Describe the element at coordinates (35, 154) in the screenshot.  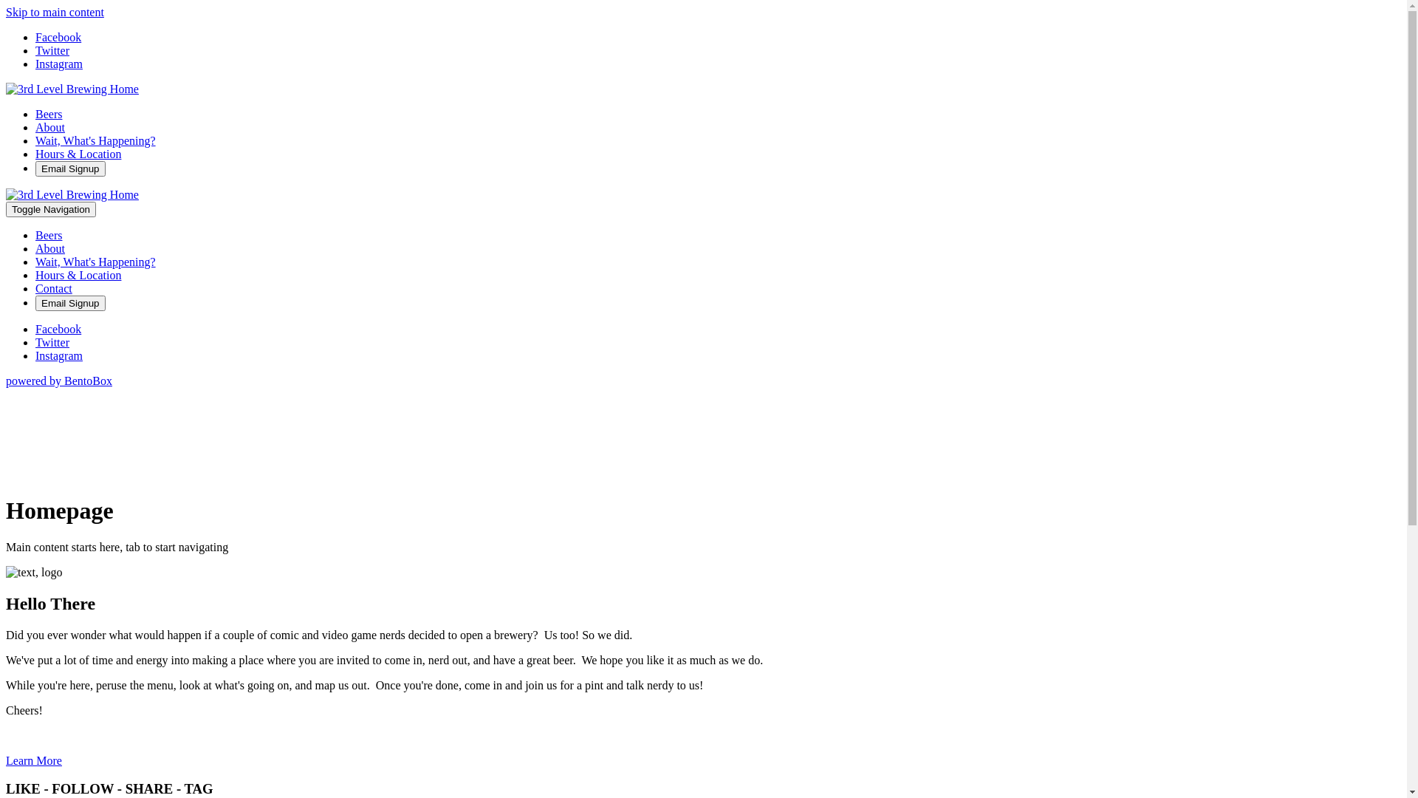
I see `'Hours & Location'` at that location.